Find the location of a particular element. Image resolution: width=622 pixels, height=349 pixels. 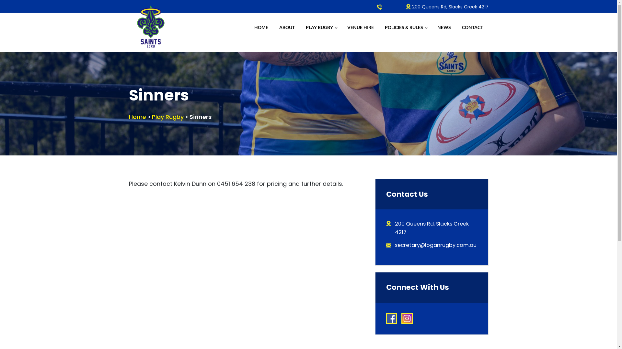

'NEWS' is located at coordinates (443, 27).